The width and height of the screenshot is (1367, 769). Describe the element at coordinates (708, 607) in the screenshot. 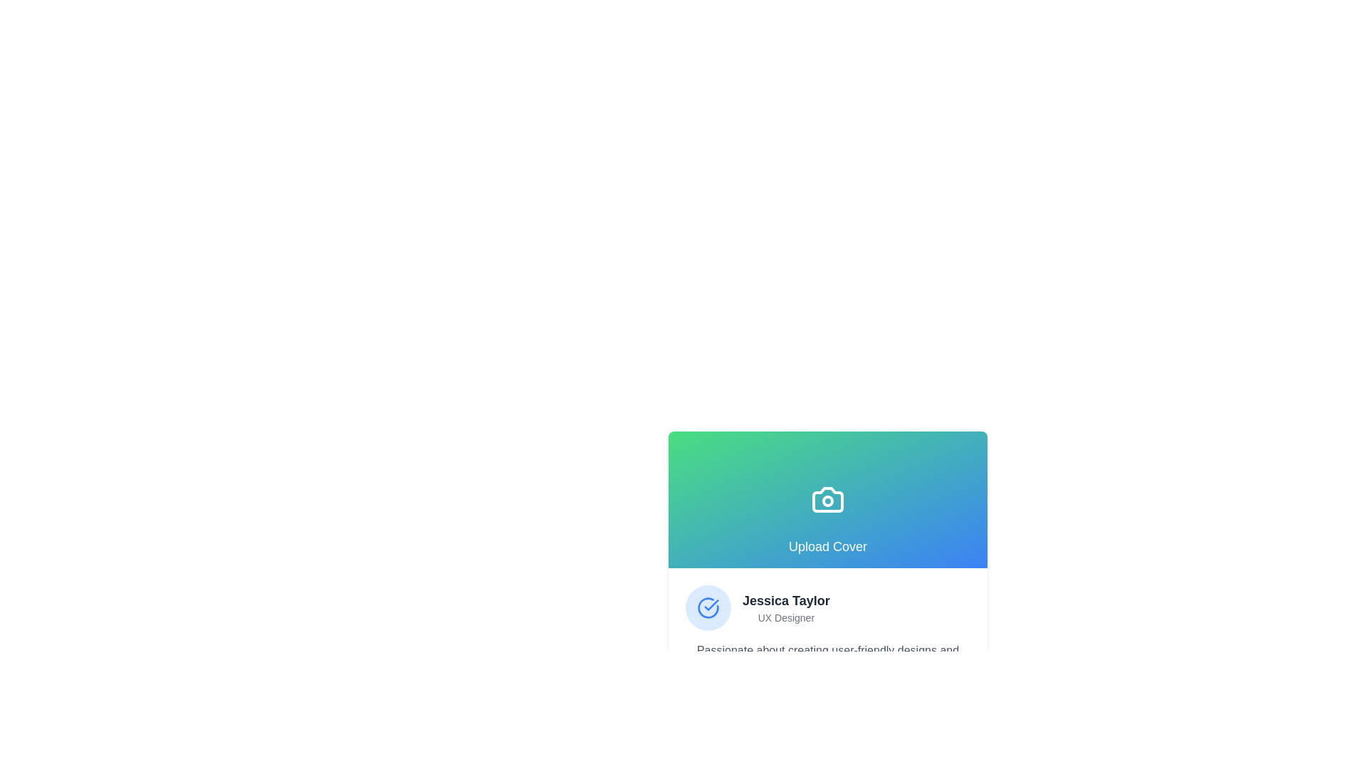

I see `the verification icon located to the left of 'Jessica Taylor' text in the profile layout` at that location.